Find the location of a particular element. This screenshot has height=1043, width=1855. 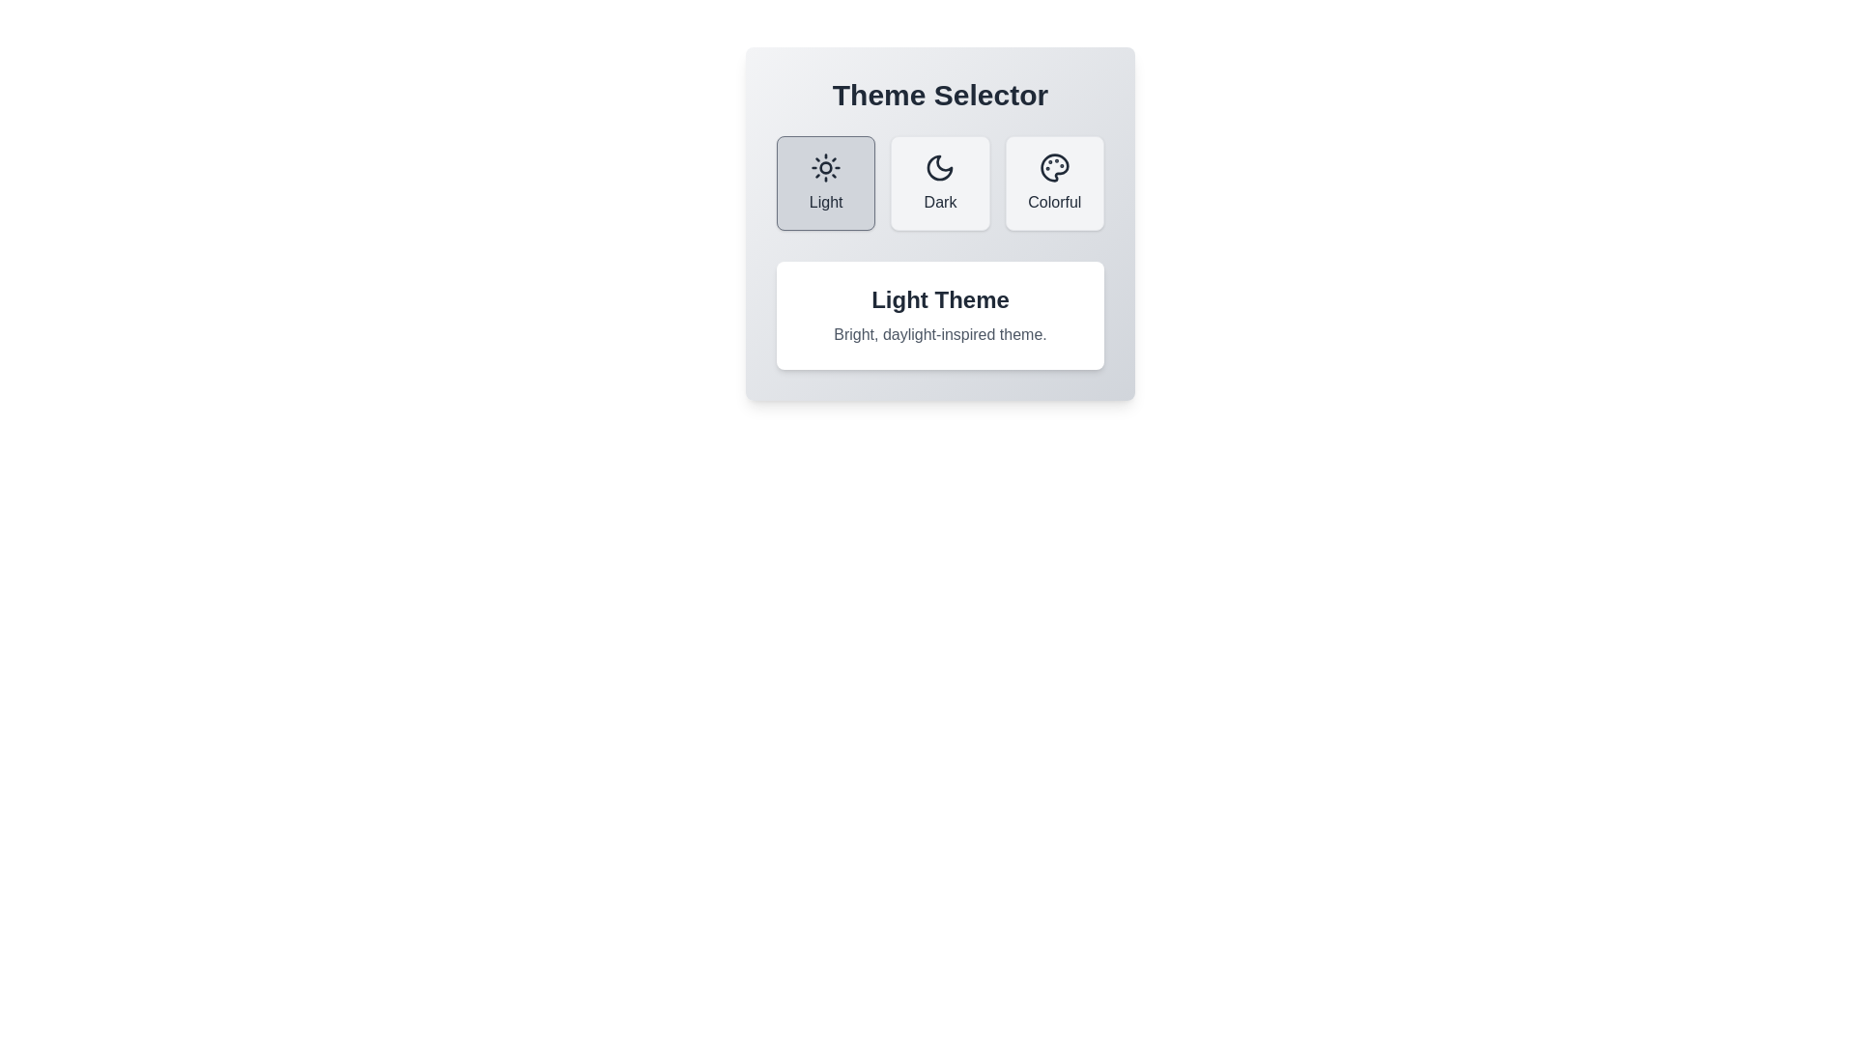

the 'Dark' theme option button represented by a crescent moon icon is located at coordinates (940, 166).